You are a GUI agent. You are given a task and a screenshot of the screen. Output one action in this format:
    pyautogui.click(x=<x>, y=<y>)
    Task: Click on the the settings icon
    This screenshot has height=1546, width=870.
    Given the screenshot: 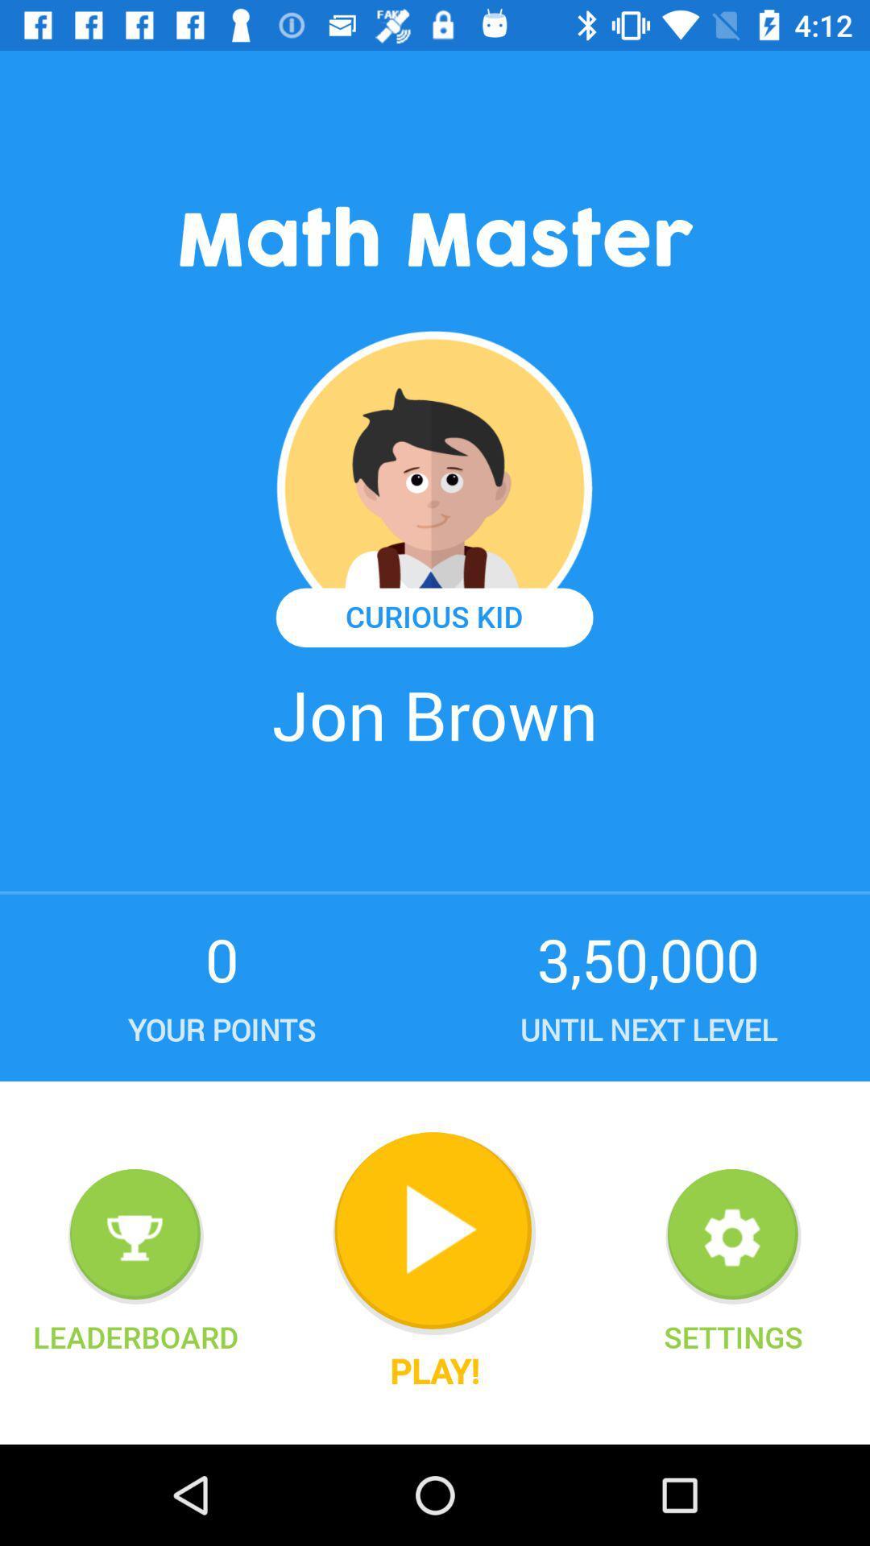 What is the action you would take?
    pyautogui.click(x=733, y=1236)
    